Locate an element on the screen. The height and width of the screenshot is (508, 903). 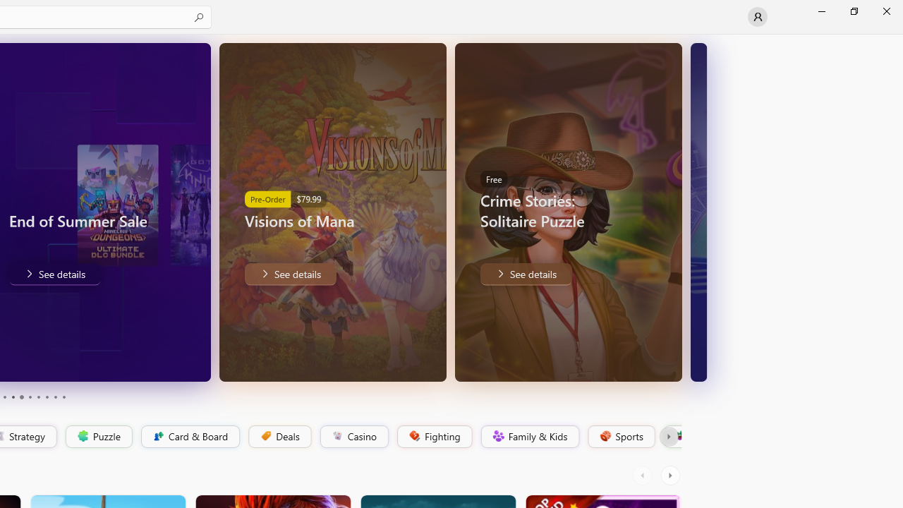
'Page 9' is located at coordinates (55, 397).